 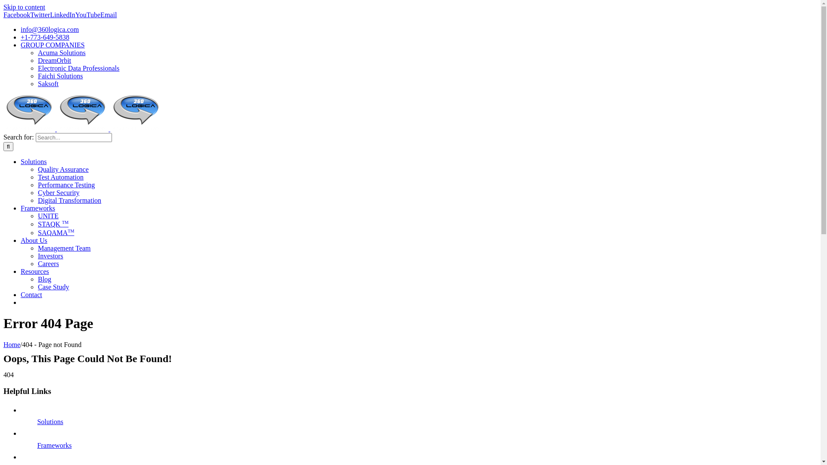 What do you see at coordinates (52, 45) in the screenshot?
I see `'GROUP COMPANIES'` at bounding box center [52, 45].